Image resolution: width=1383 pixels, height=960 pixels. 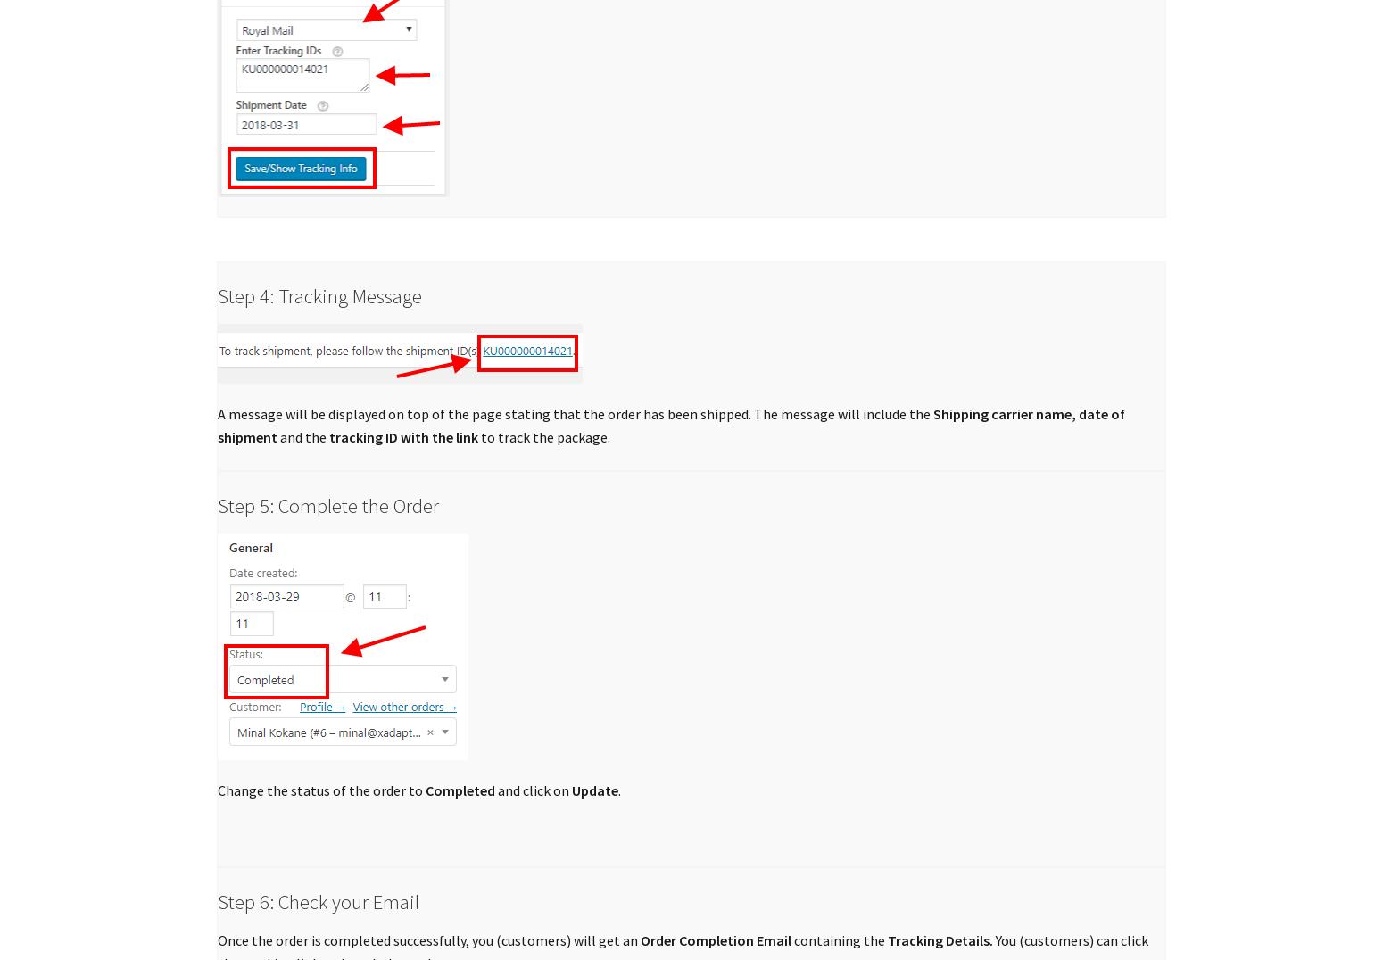 What do you see at coordinates (403, 436) in the screenshot?
I see `'tracking ID with the link'` at bounding box center [403, 436].